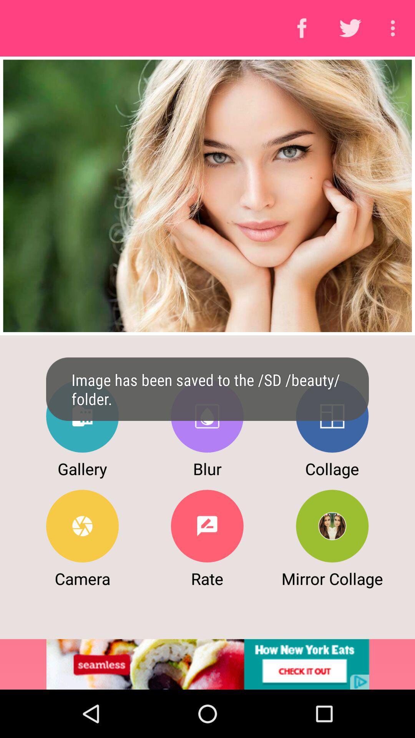  Describe the element at coordinates (82, 416) in the screenshot. I see `gellery` at that location.